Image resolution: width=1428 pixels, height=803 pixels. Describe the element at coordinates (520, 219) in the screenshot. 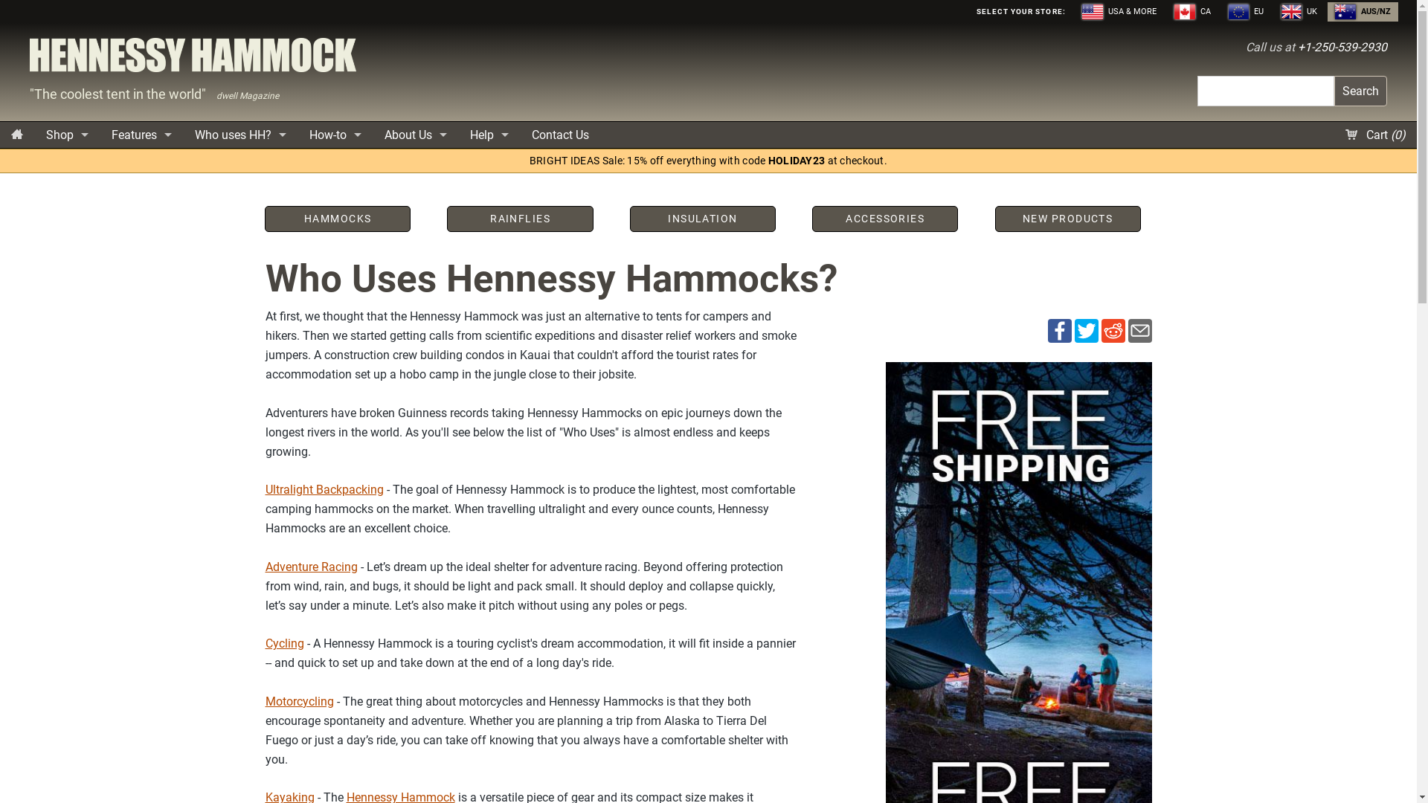

I see `'RAINFLIES'` at that location.